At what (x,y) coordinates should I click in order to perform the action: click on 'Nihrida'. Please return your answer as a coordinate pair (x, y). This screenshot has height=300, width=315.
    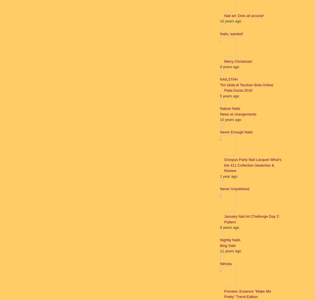
    Looking at the image, I should click on (226, 263).